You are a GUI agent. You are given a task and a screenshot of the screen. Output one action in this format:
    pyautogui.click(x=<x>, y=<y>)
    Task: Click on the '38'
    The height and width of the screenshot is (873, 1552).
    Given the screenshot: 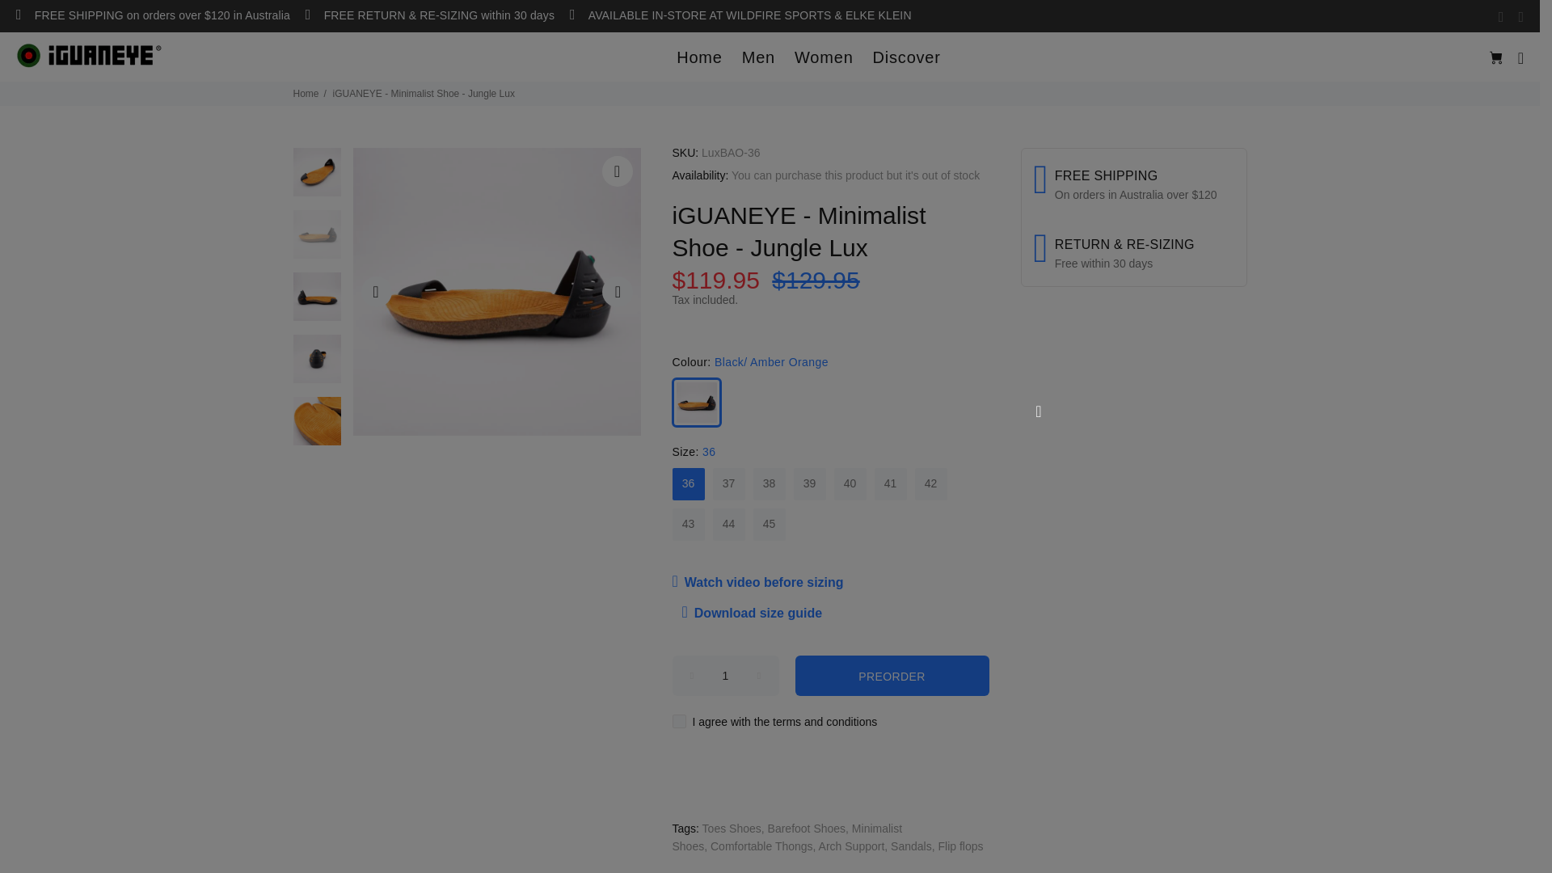 What is the action you would take?
    pyautogui.click(x=768, y=483)
    